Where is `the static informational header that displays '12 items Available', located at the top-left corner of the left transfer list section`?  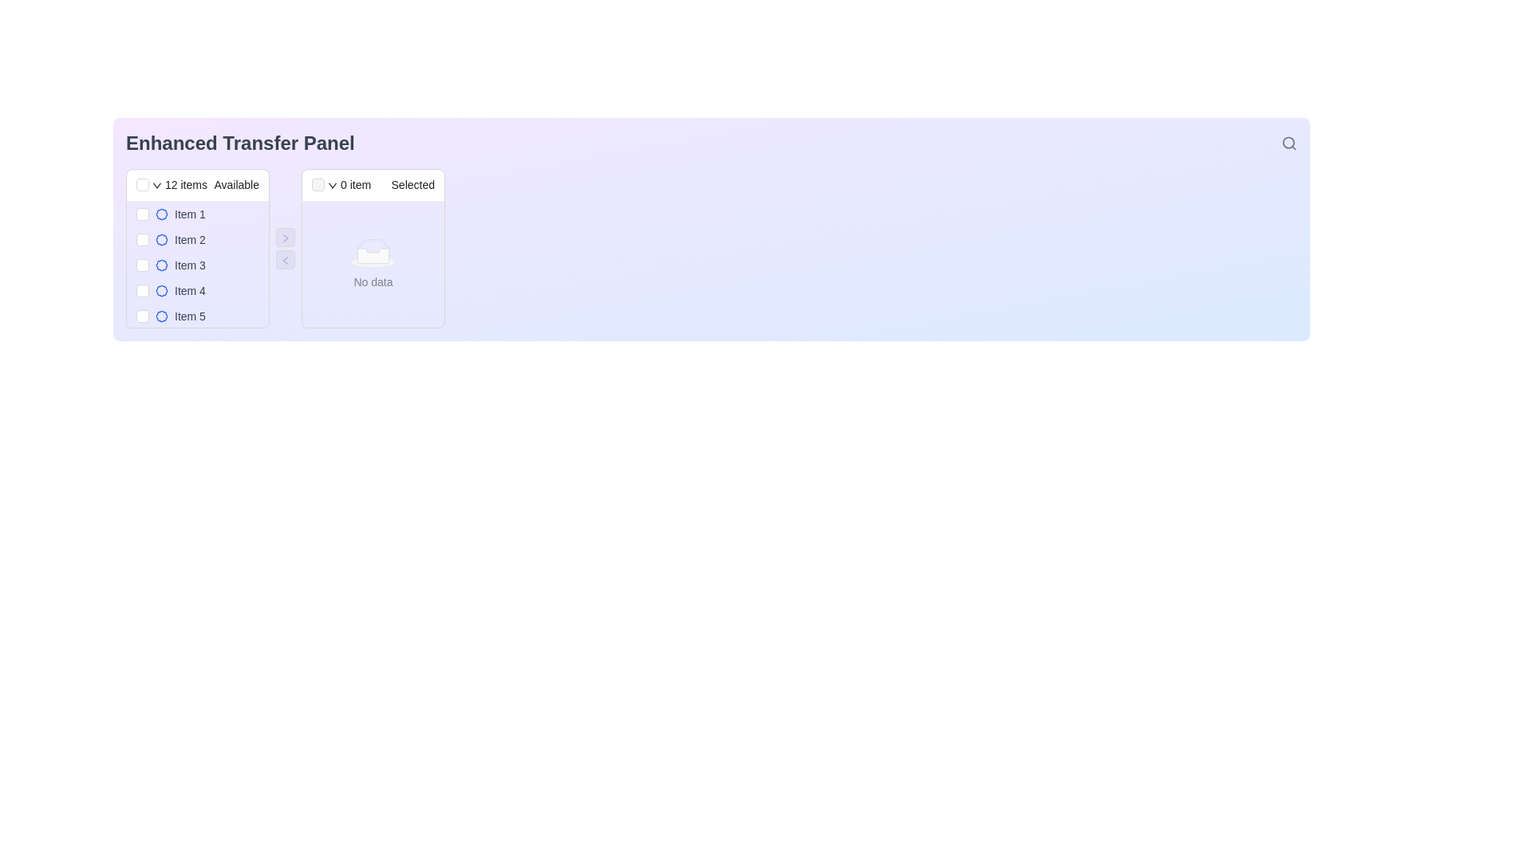
the static informational header that displays '12 items Available', located at the top-left corner of the left transfer list section is located at coordinates (197, 184).